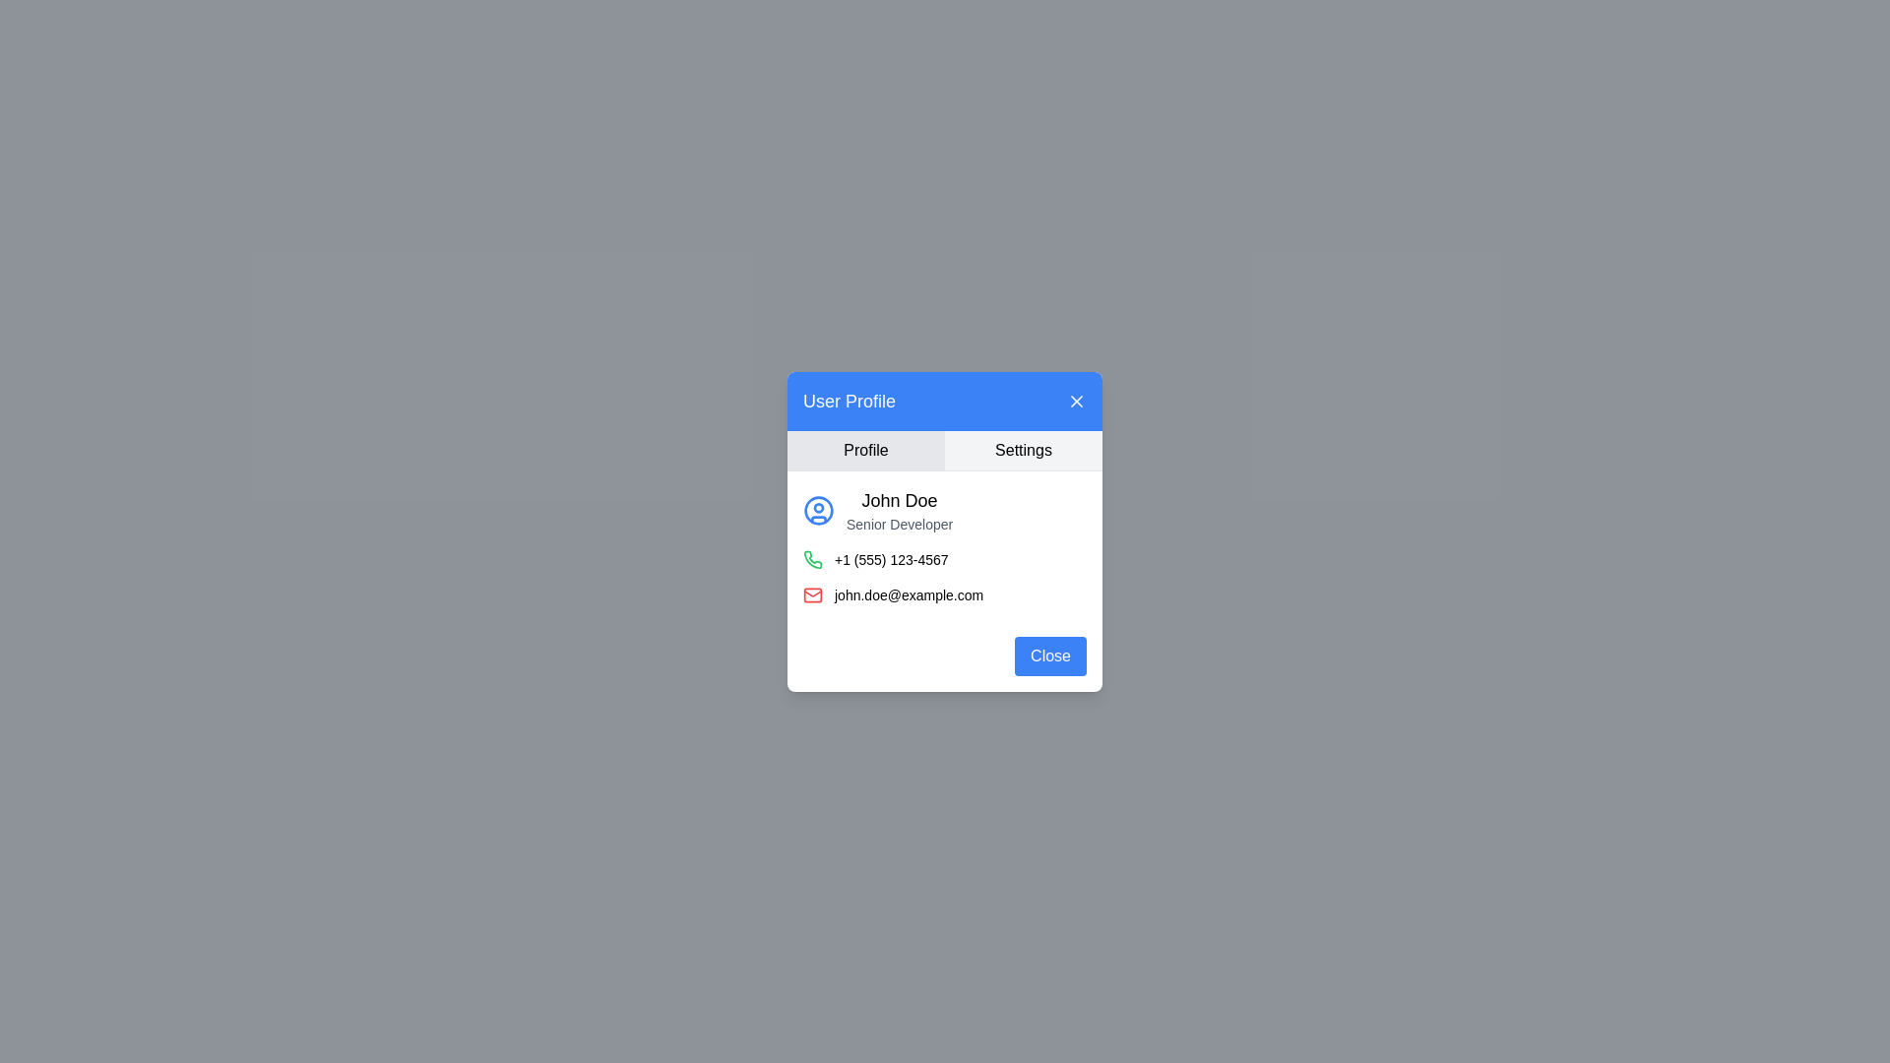 Image resolution: width=1890 pixels, height=1063 pixels. What do you see at coordinates (1076, 400) in the screenshot?
I see `the cross-shaped graphic icon at the top-right corner of the blue header bar labeled 'User Profile'` at bounding box center [1076, 400].